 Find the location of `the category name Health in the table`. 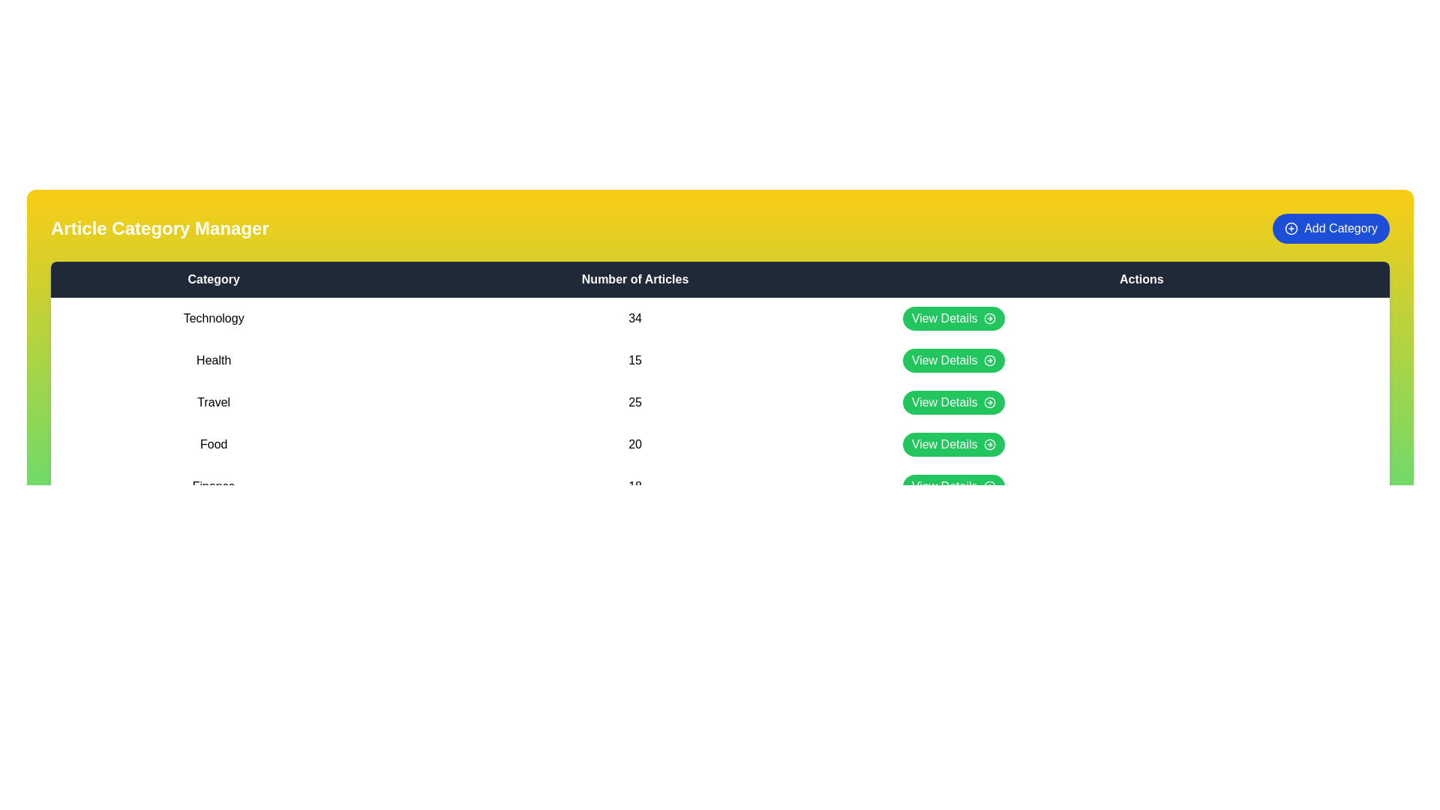

the category name Health in the table is located at coordinates (213, 361).